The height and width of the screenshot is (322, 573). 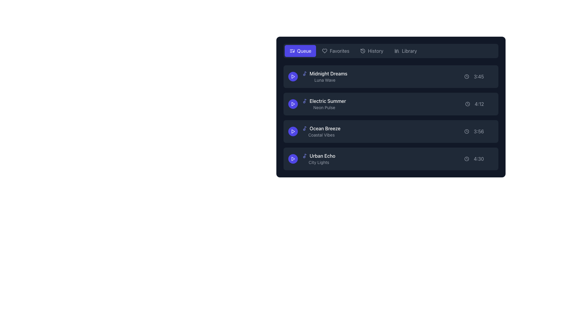 What do you see at coordinates (391, 103) in the screenshot?
I see `the selectable song item for 'Electric Summer' in the playlist` at bounding box center [391, 103].